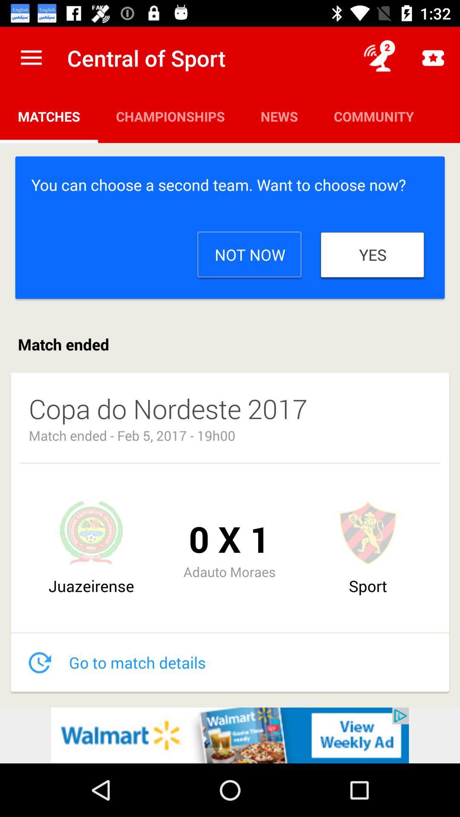  I want to click on advertisements, so click(230, 735).